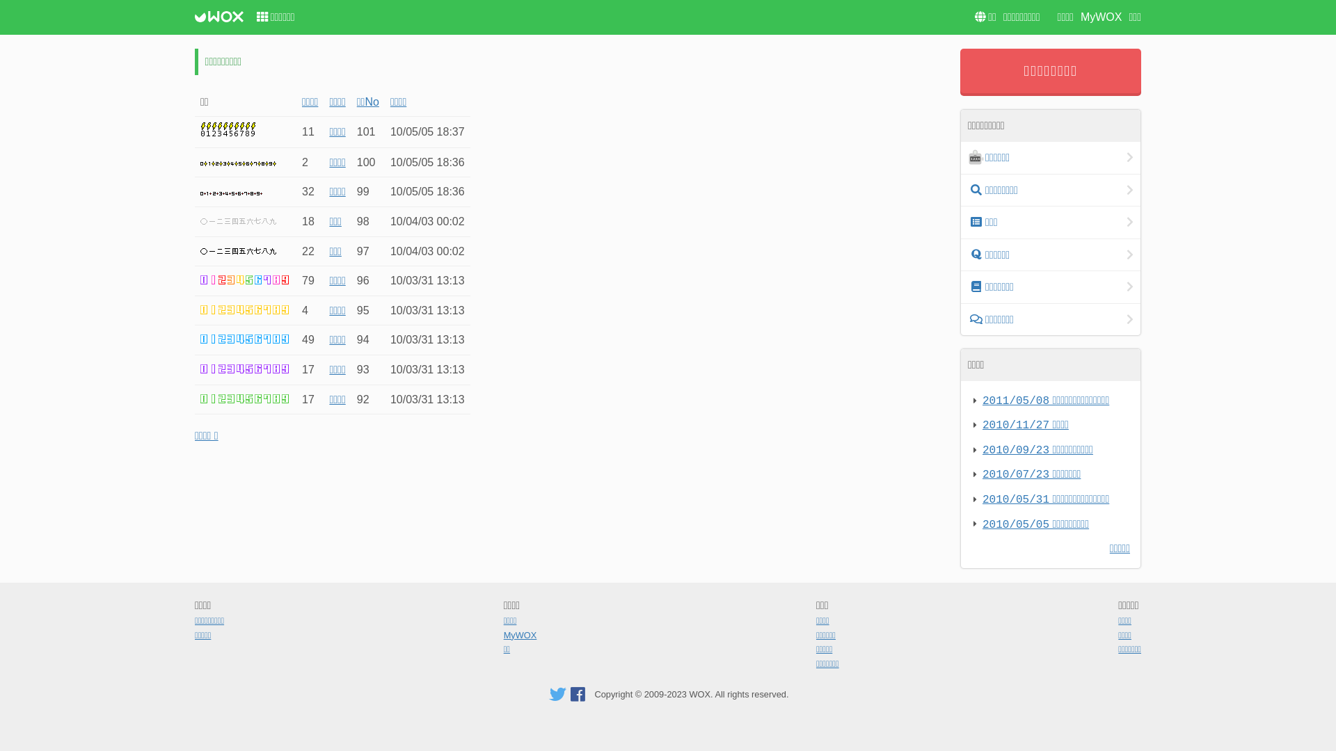 Image resolution: width=1336 pixels, height=751 pixels. I want to click on 'MyWOX', so click(1080, 17).